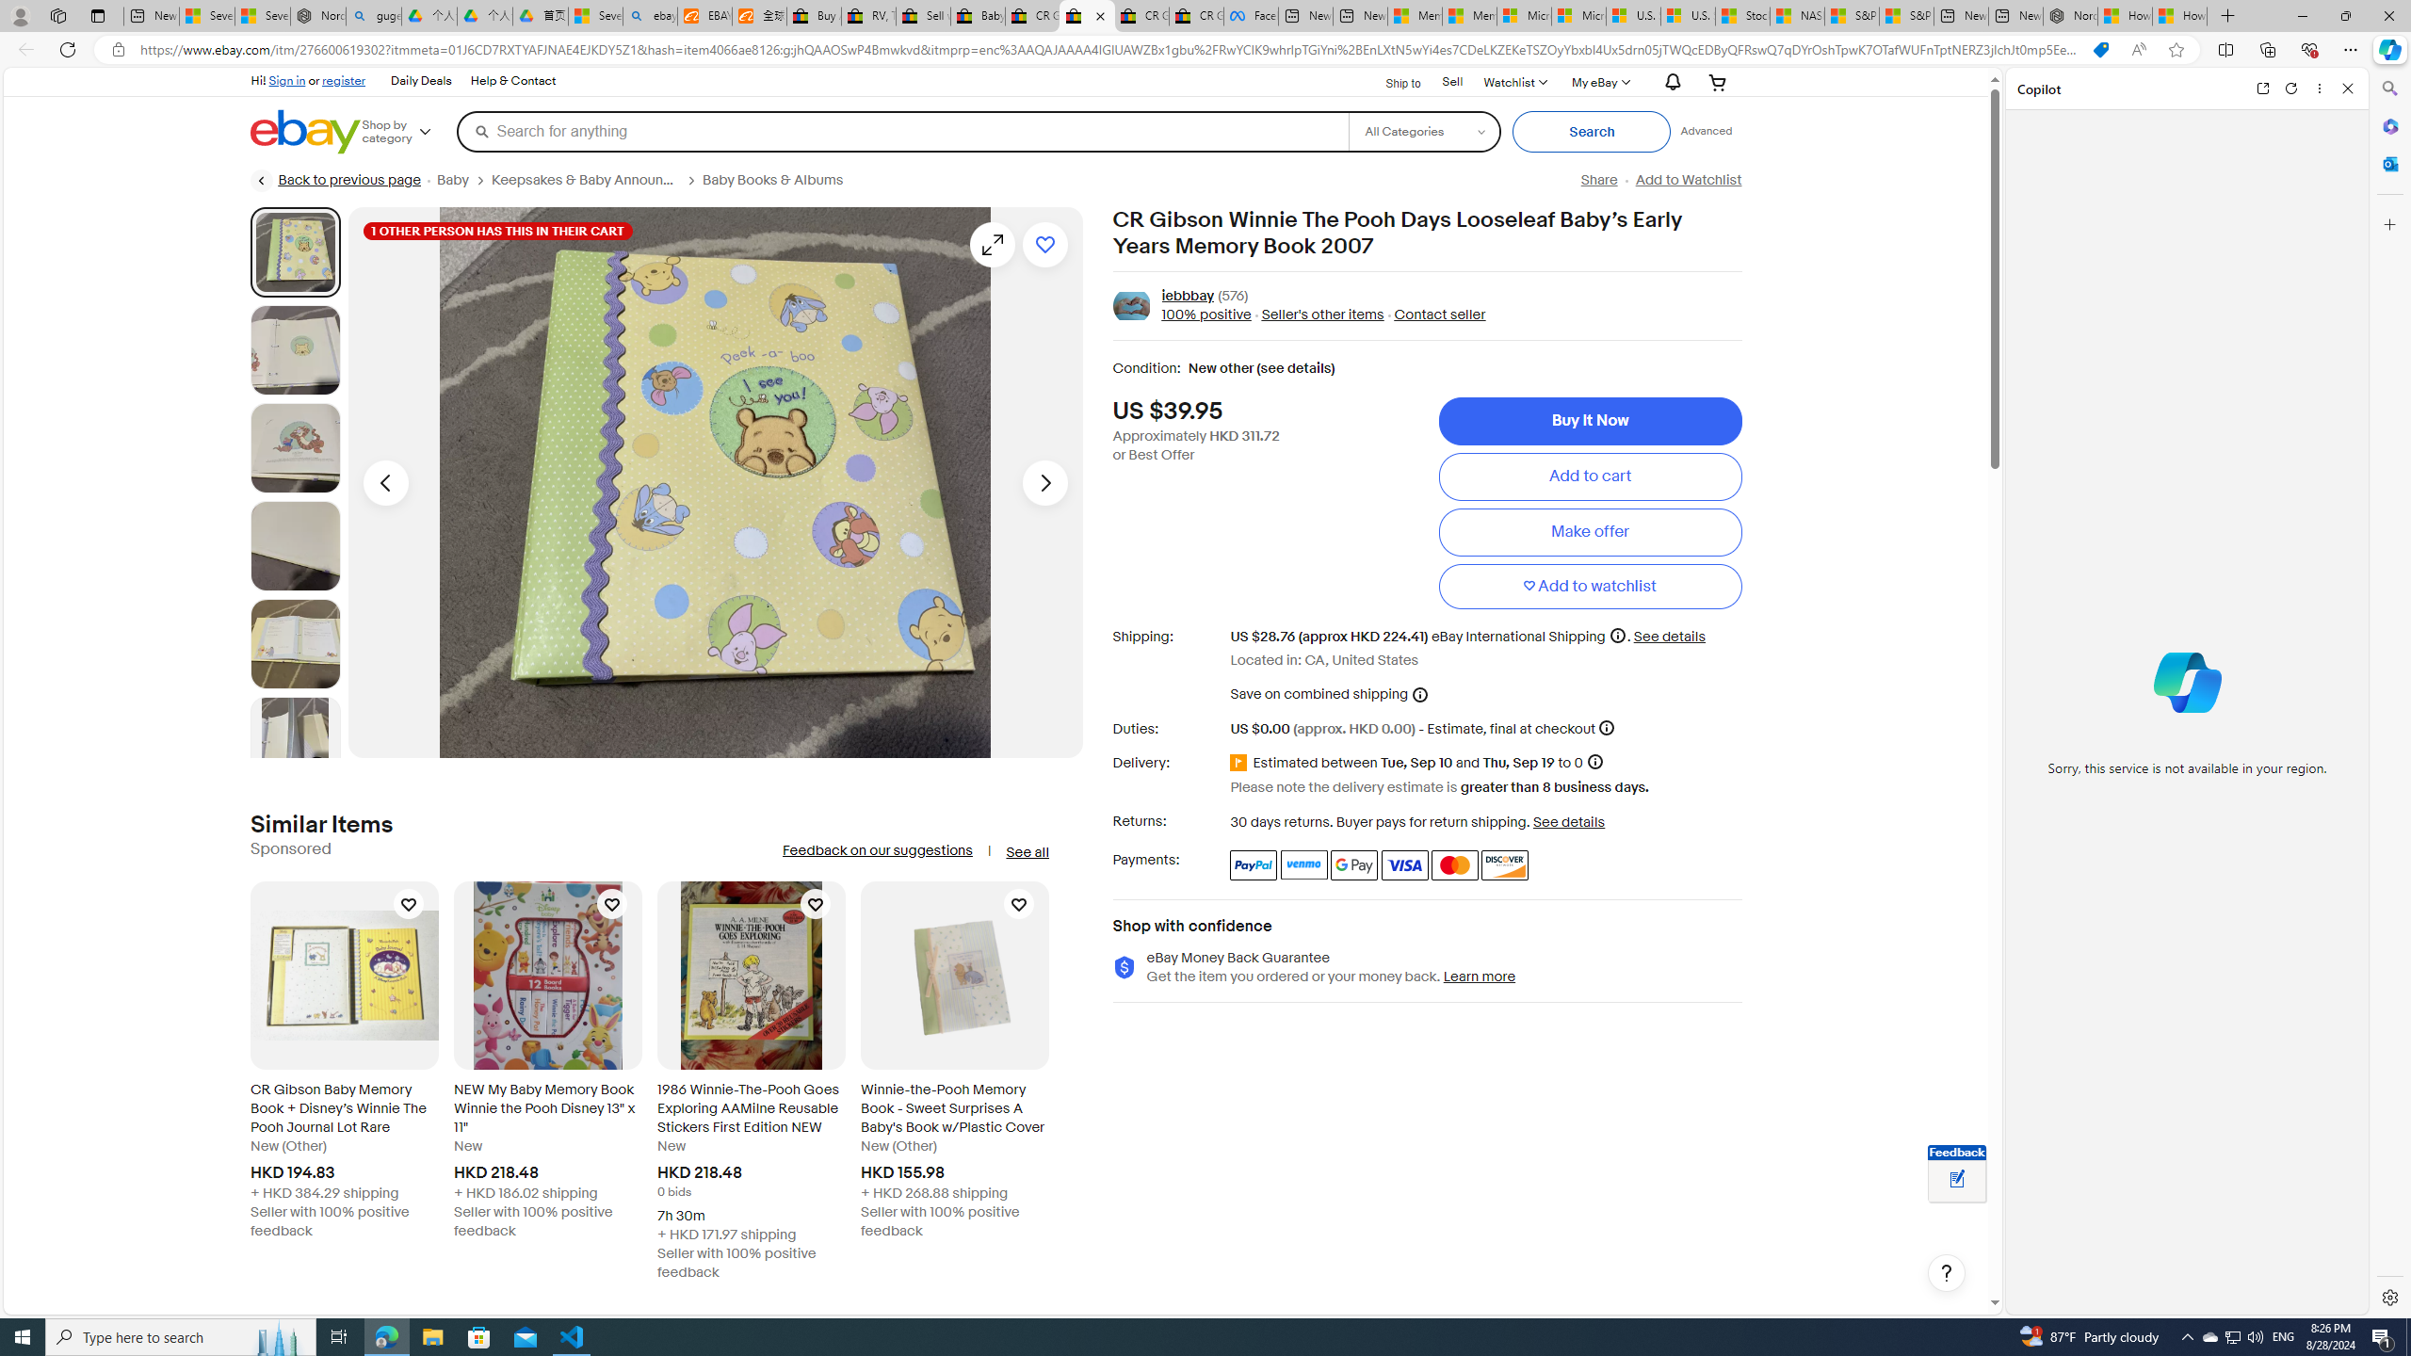  What do you see at coordinates (1044, 482) in the screenshot?
I see `'Next image - Item images thumbnails'` at bounding box center [1044, 482].